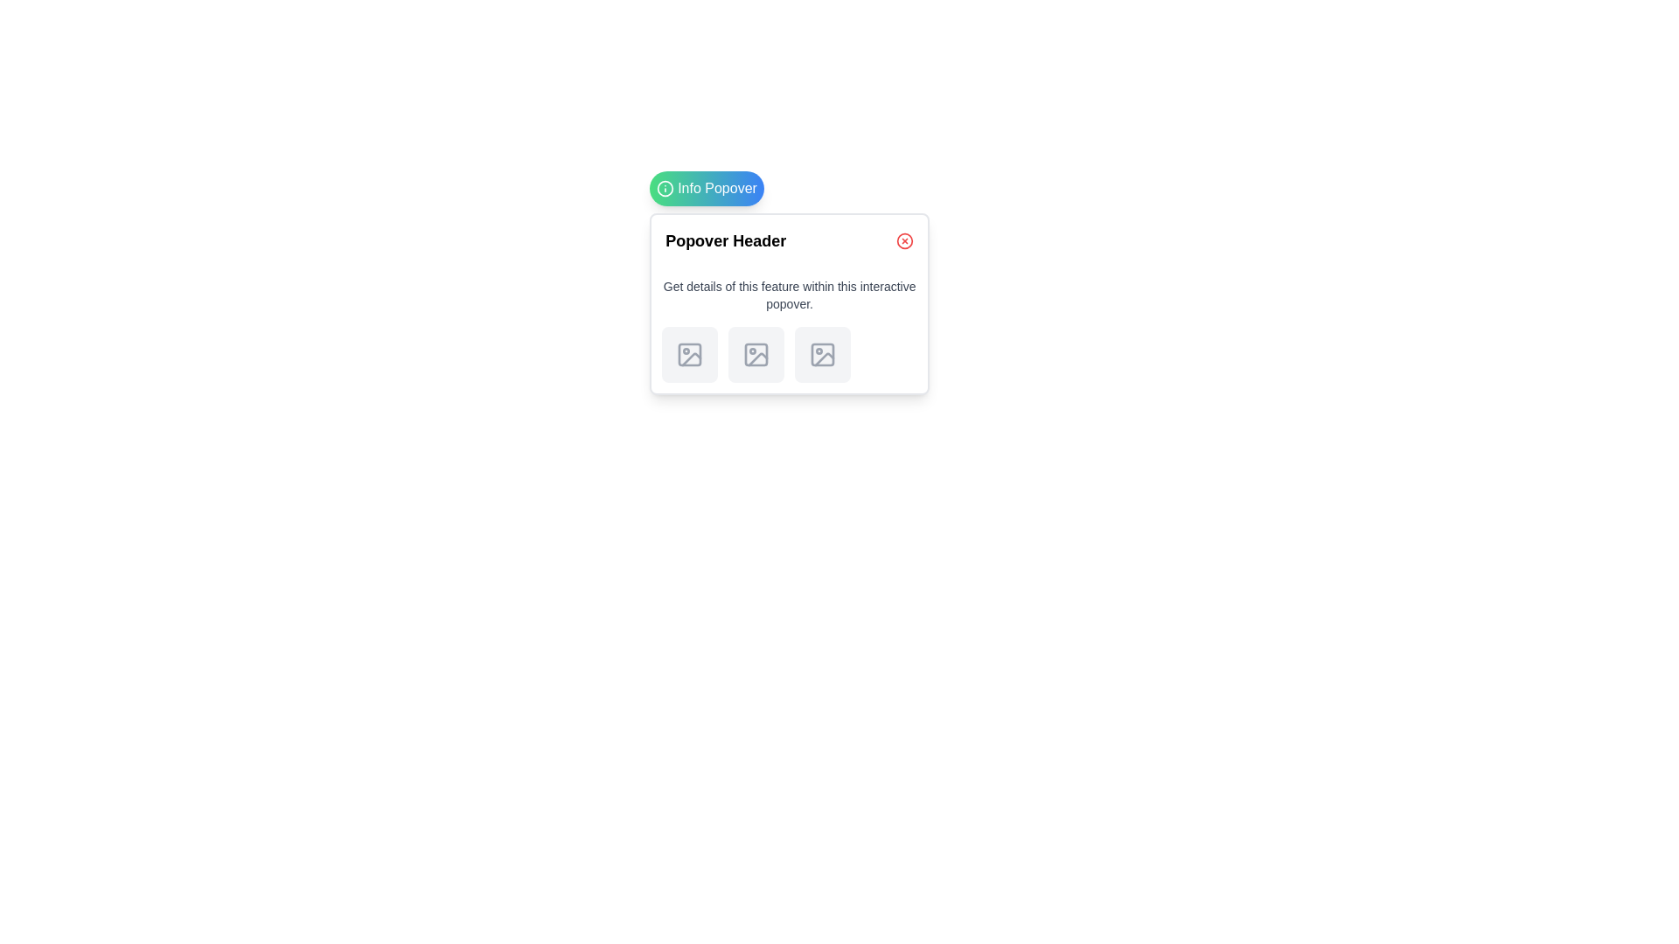 This screenshot has height=944, width=1679. What do you see at coordinates (726, 241) in the screenshot?
I see `header text located at the top left of the popover component, which indicates its title or purpose` at bounding box center [726, 241].